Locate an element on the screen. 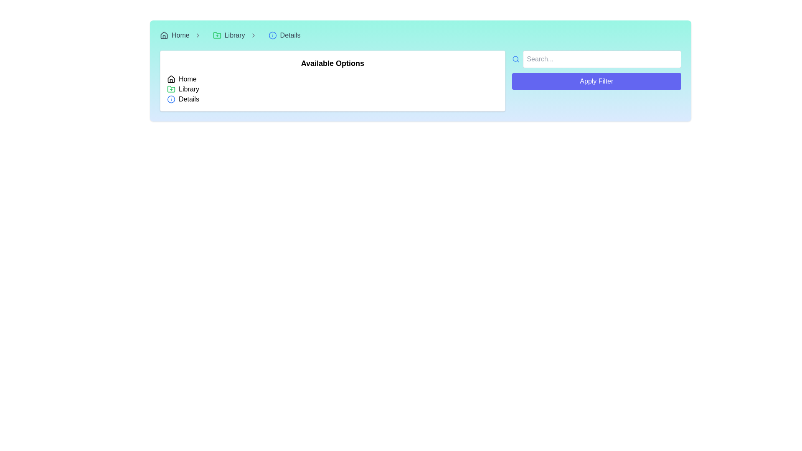 The height and width of the screenshot is (451, 802). the outer circular frame of the 'info' icon in the breadcrumb navigation bar, which visually distinguishes the 'Details' breadcrumb item is located at coordinates (272, 35).